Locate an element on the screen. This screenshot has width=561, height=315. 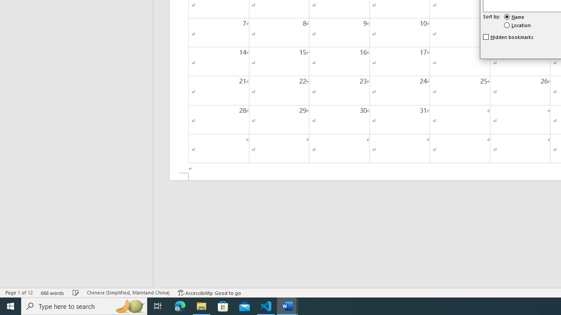
'Spelling and Grammar Check Checking' is located at coordinates (76, 293).